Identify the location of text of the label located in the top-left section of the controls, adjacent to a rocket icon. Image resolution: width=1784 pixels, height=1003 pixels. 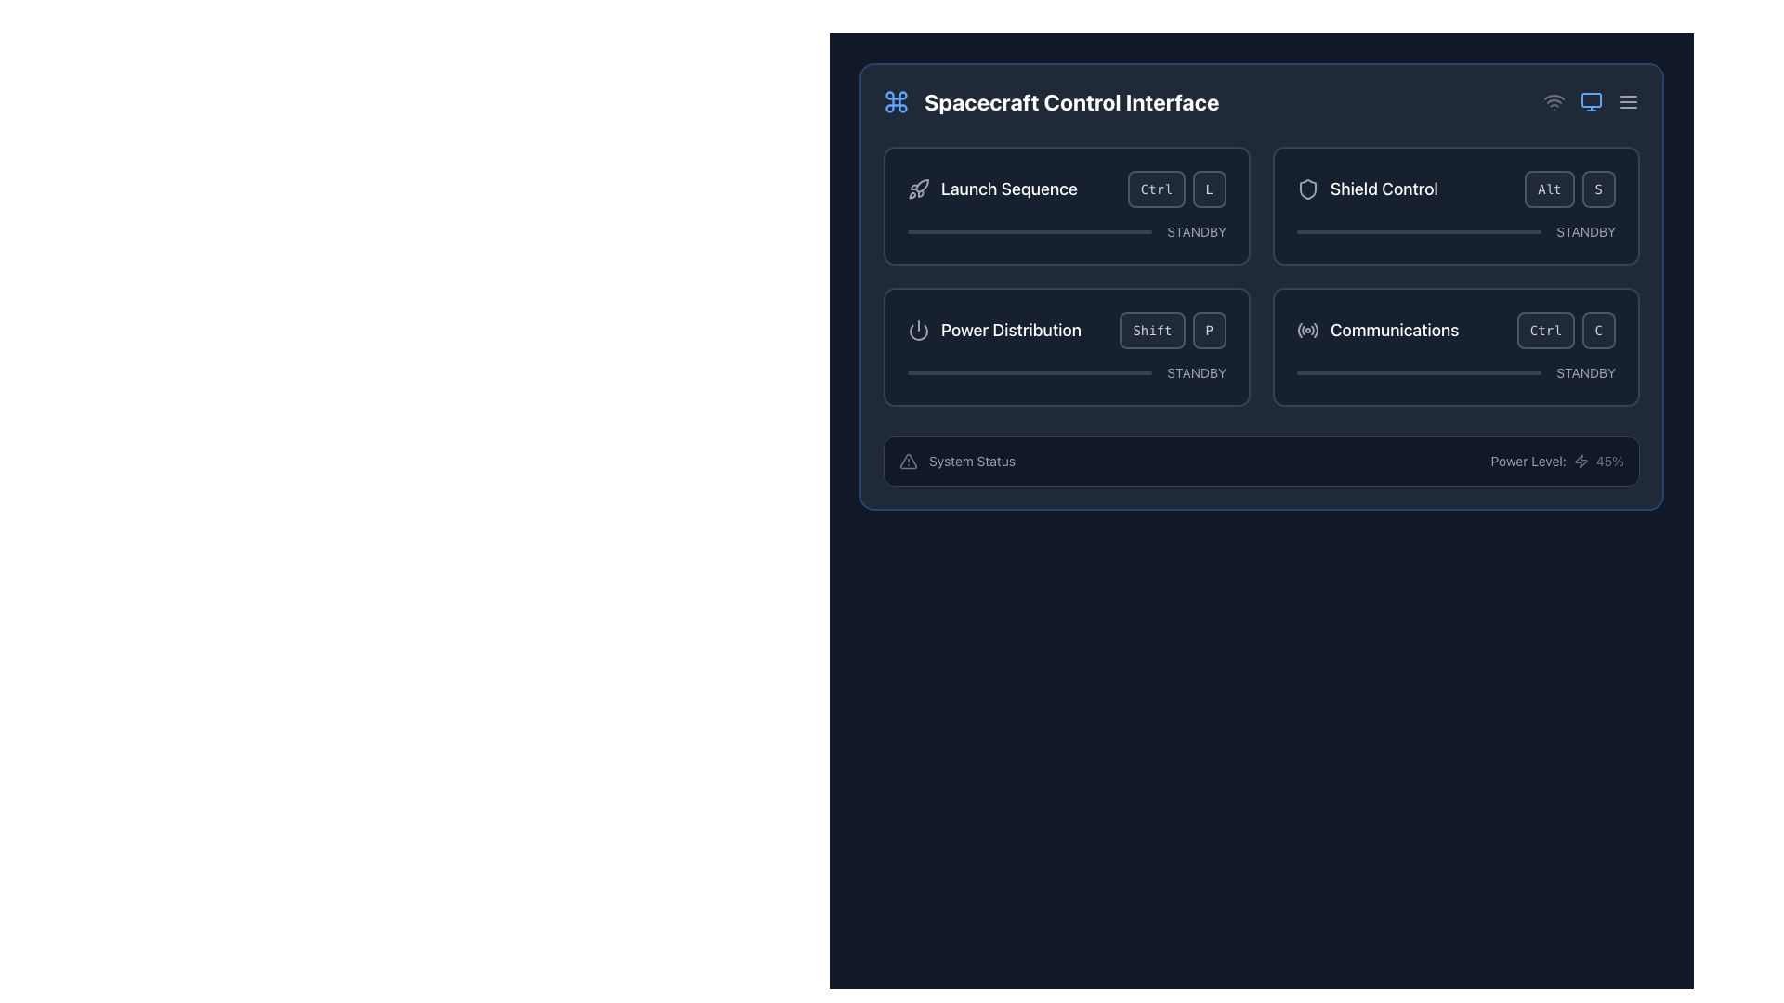
(1008, 189).